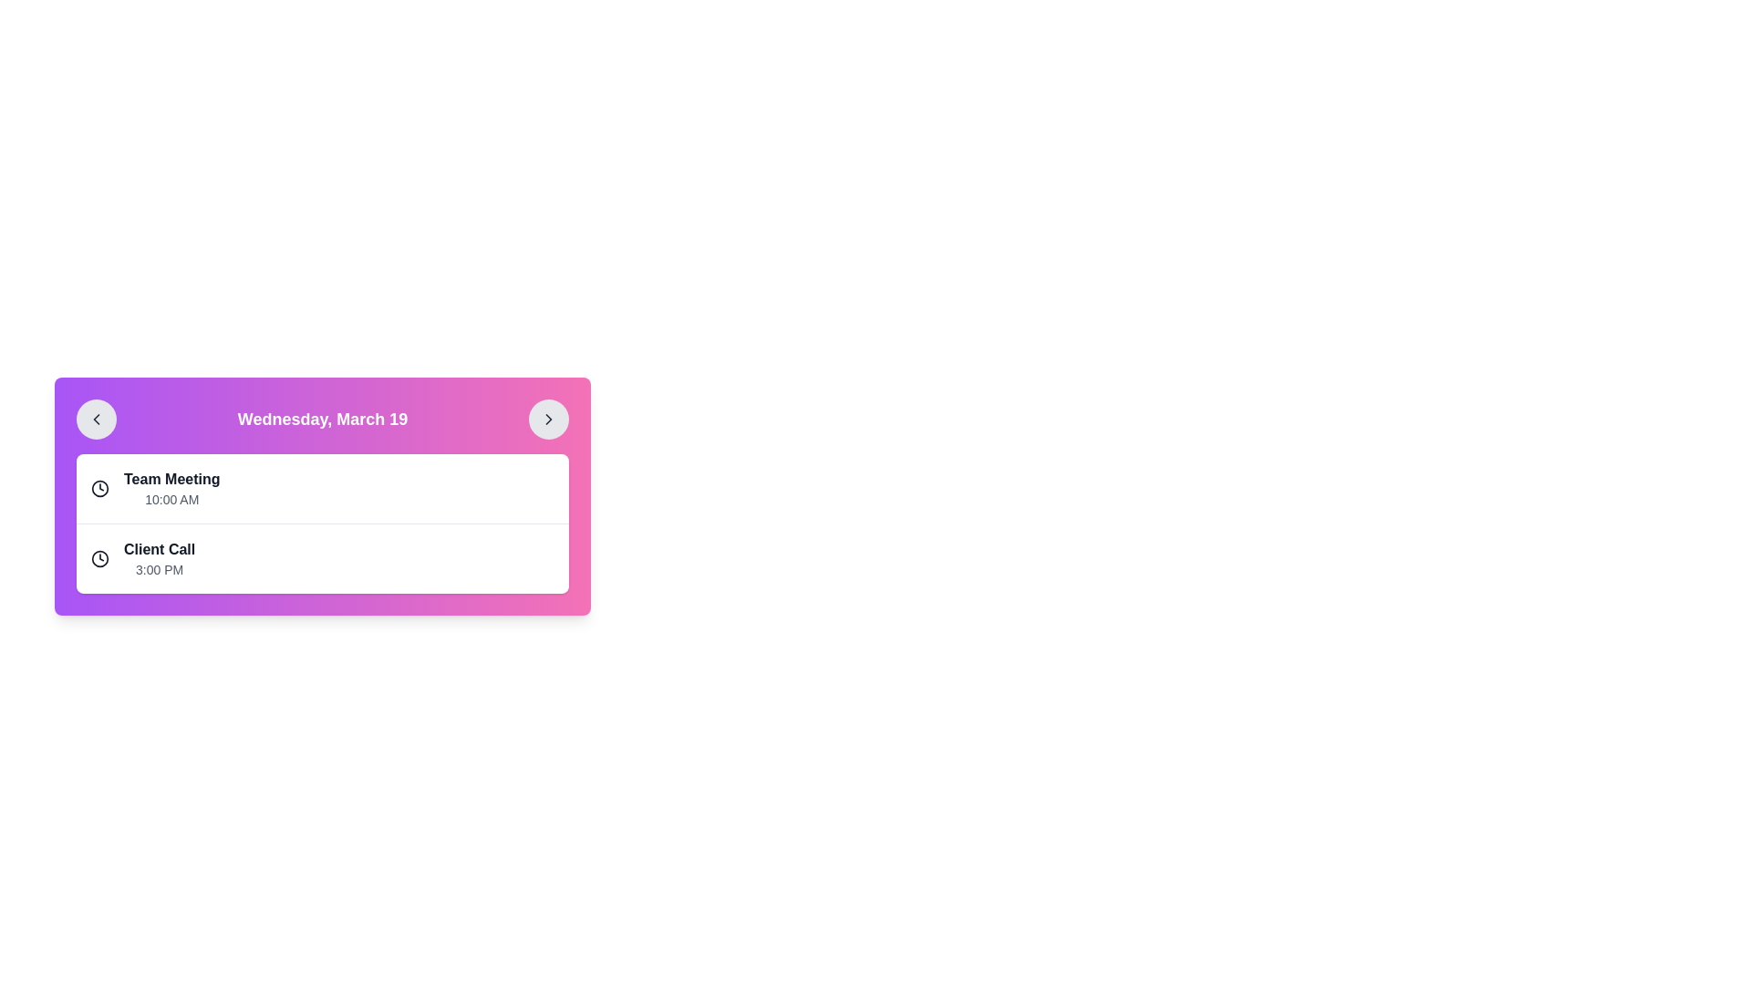  What do you see at coordinates (171, 499) in the screenshot?
I see `displayed time from the text label indicating the scheduled time for the 'Team Meeting', which is located in the first row of events, aligned with the 'Team Meeting' label above it` at bounding box center [171, 499].